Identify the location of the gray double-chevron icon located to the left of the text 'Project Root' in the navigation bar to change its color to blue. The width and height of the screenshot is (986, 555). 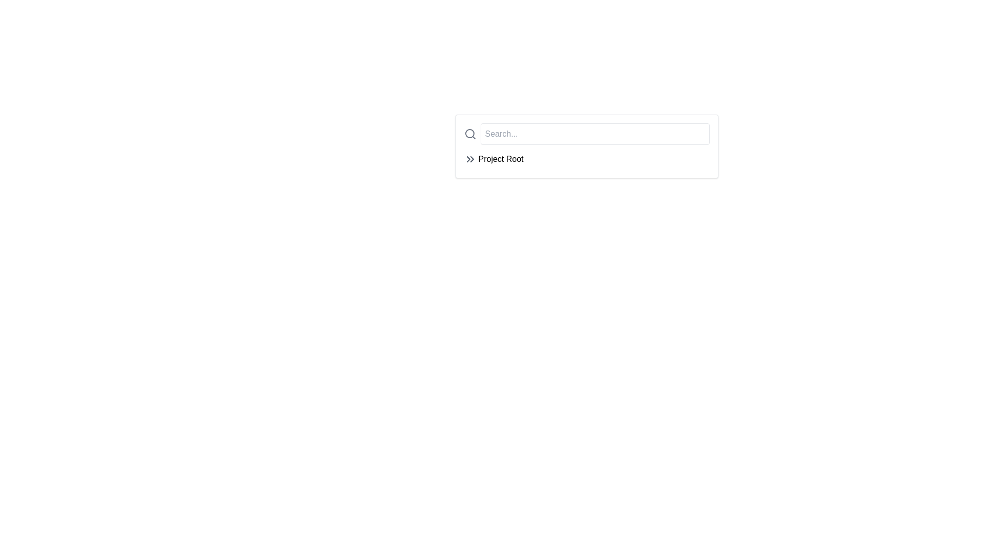
(469, 159).